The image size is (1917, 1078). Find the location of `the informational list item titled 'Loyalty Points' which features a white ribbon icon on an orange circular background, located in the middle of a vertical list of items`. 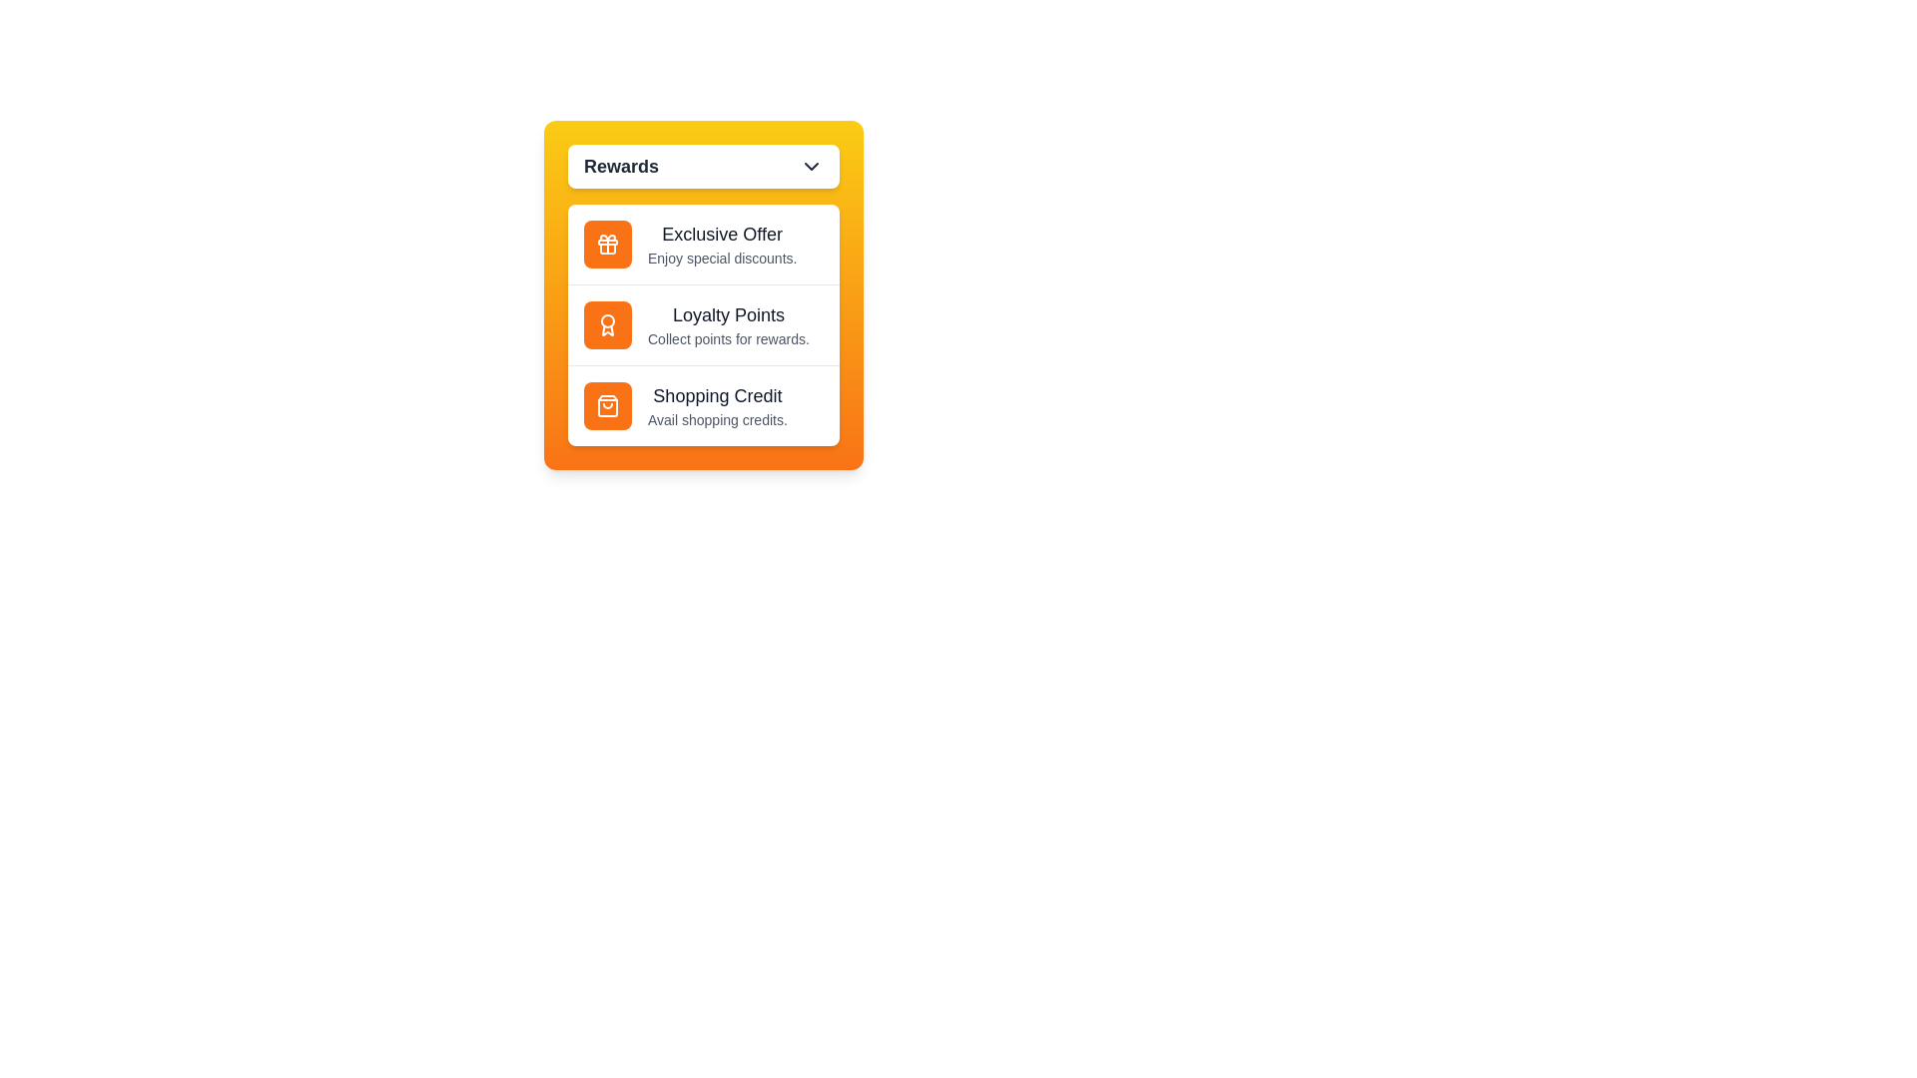

the informational list item titled 'Loyalty Points' which features a white ribbon icon on an orange circular background, located in the middle of a vertical list of items is located at coordinates (704, 322).